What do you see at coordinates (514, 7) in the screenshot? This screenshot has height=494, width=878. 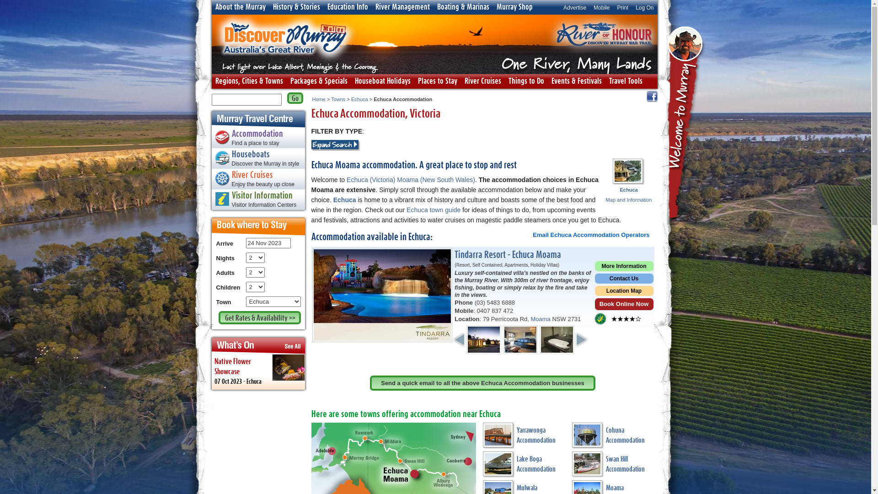 I see `'Murray Shop'` at bounding box center [514, 7].